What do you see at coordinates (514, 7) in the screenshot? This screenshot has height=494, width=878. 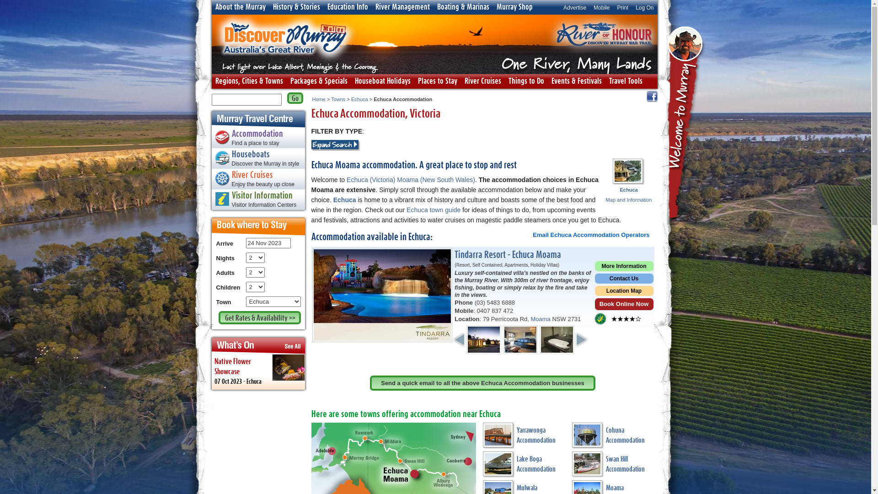 I see `'Murray Shop'` at bounding box center [514, 7].